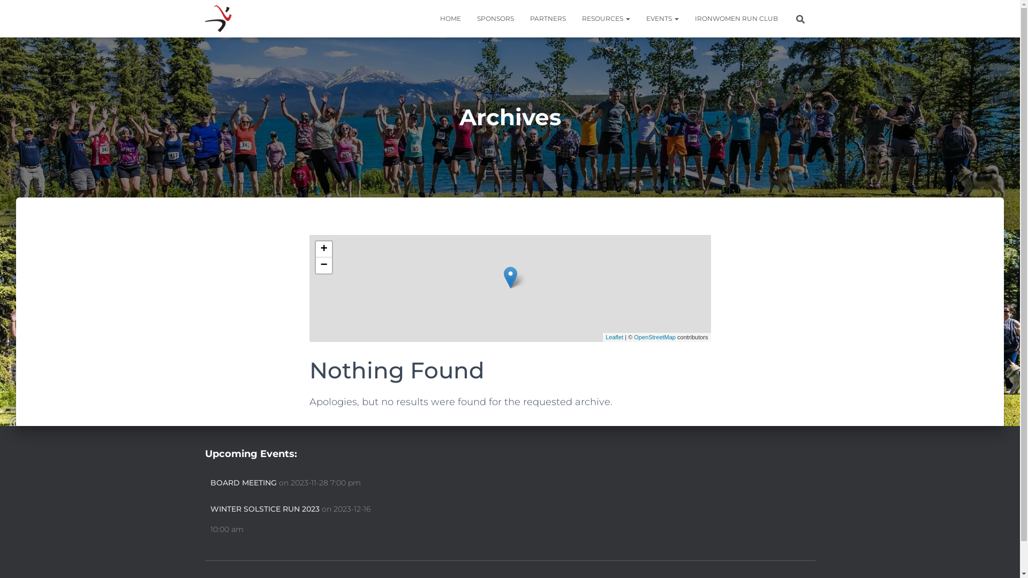  Describe the element at coordinates (218, 18) in the screenshot. I see `'Athletics Yukon'` at that location.